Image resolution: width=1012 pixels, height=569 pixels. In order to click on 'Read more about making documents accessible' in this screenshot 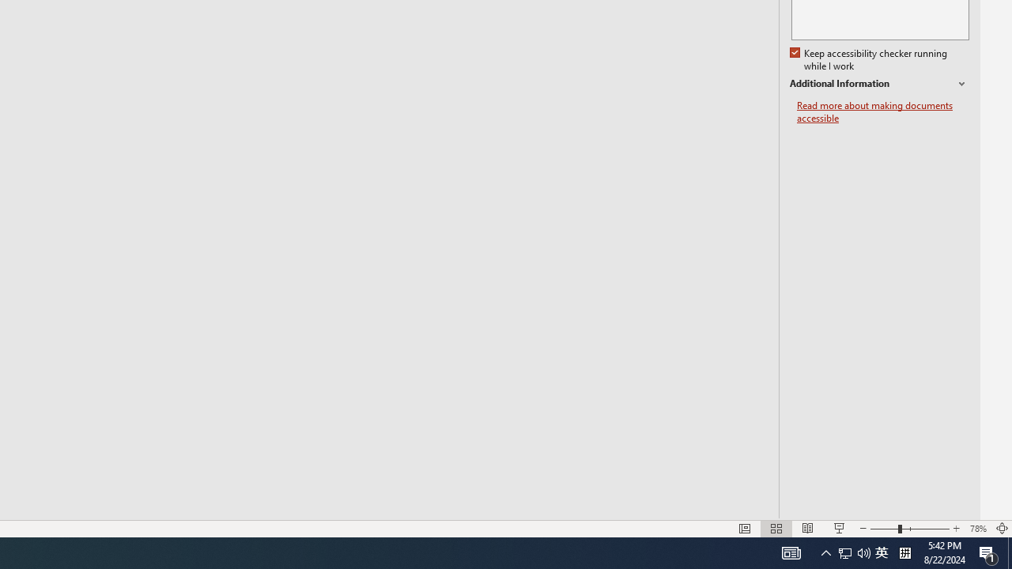, I will do `click(882, 111)`.